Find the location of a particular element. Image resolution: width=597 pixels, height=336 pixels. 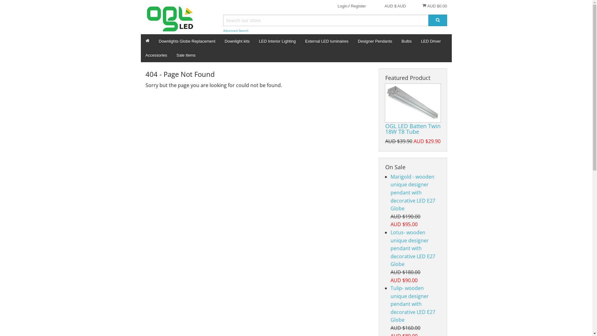

'LED Interior Lighting' is located at coordinates (277, 41).